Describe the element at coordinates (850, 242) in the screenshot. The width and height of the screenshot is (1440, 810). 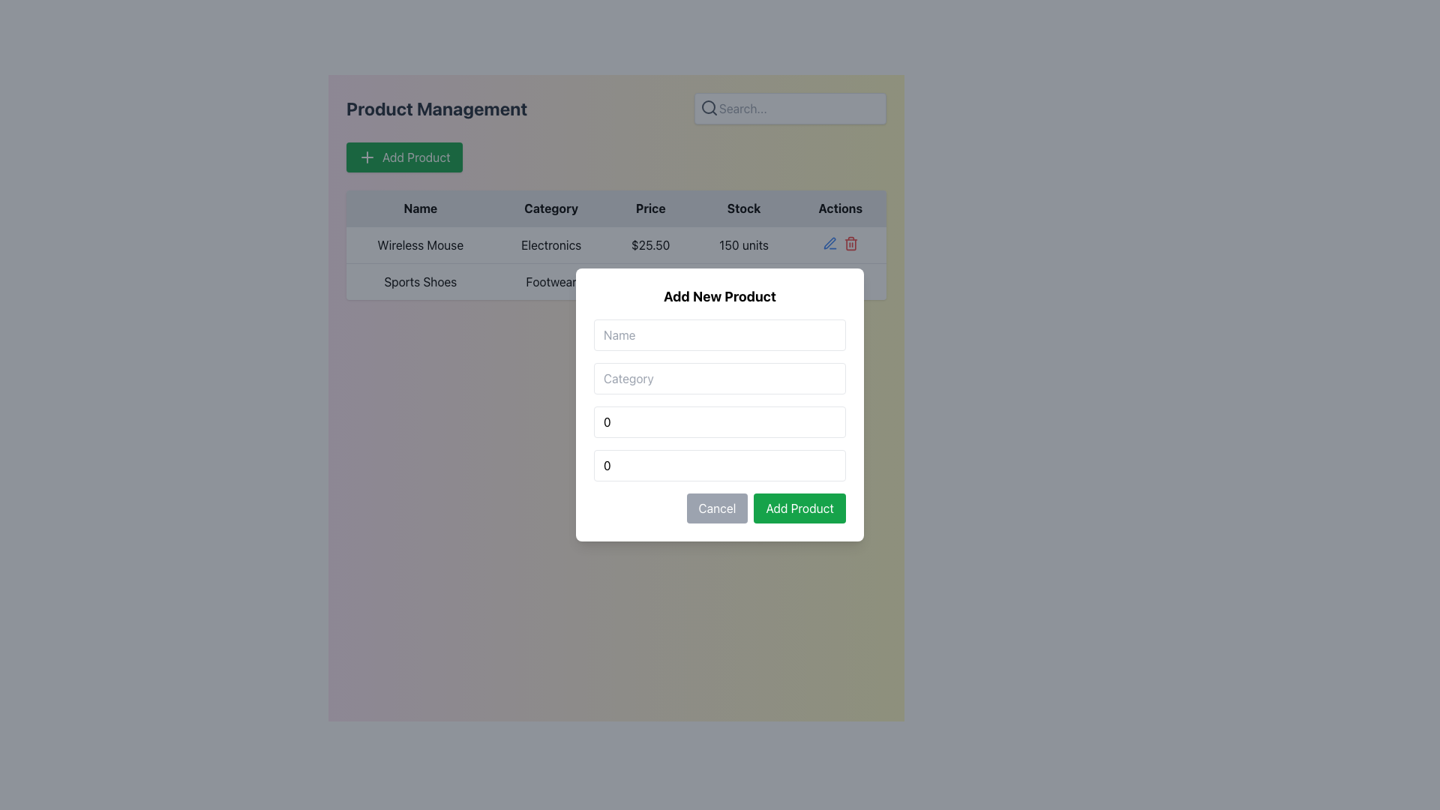
I see `the red trash icon button in the 'Actions' column` at that location.